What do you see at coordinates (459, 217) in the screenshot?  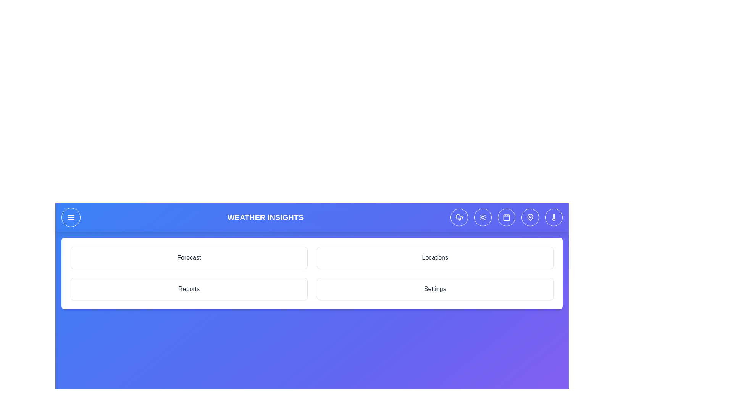 I see `the cloud_rain icon in the header` at bounding box center [459, 217].